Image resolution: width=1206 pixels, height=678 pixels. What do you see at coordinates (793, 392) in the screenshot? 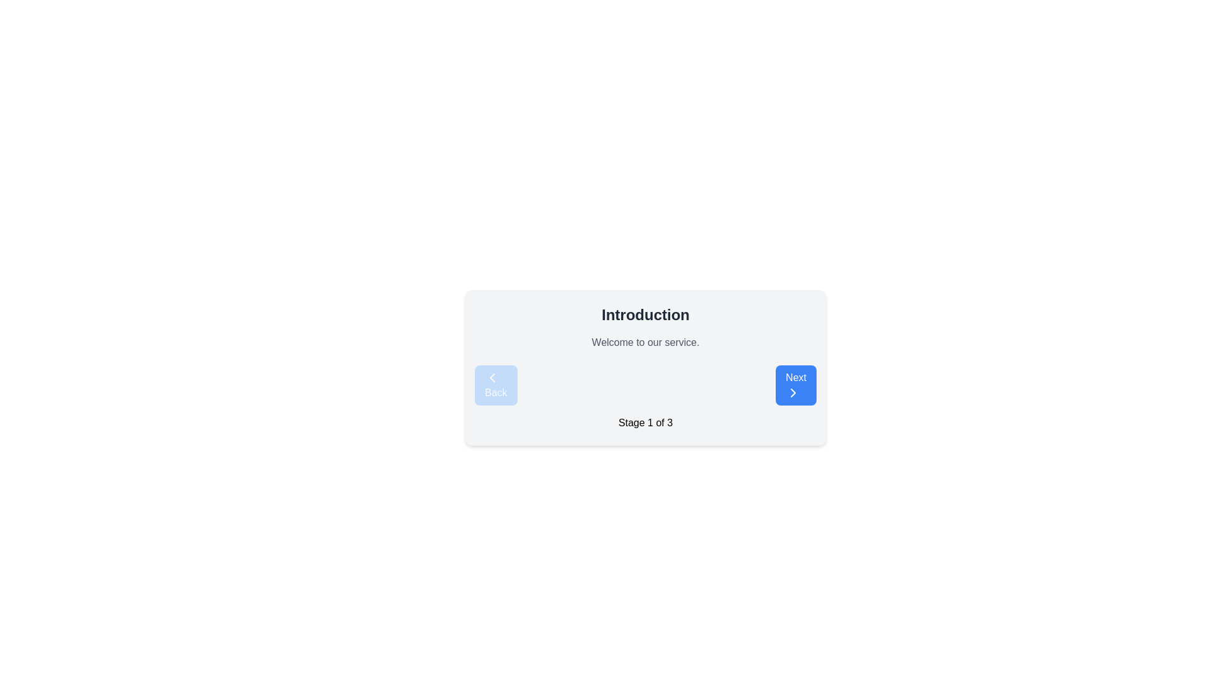
I see `the chevron icon located on the right side of the 'Next' button at the bottom-right corner of the card interface` at bounding box center [793, 392].